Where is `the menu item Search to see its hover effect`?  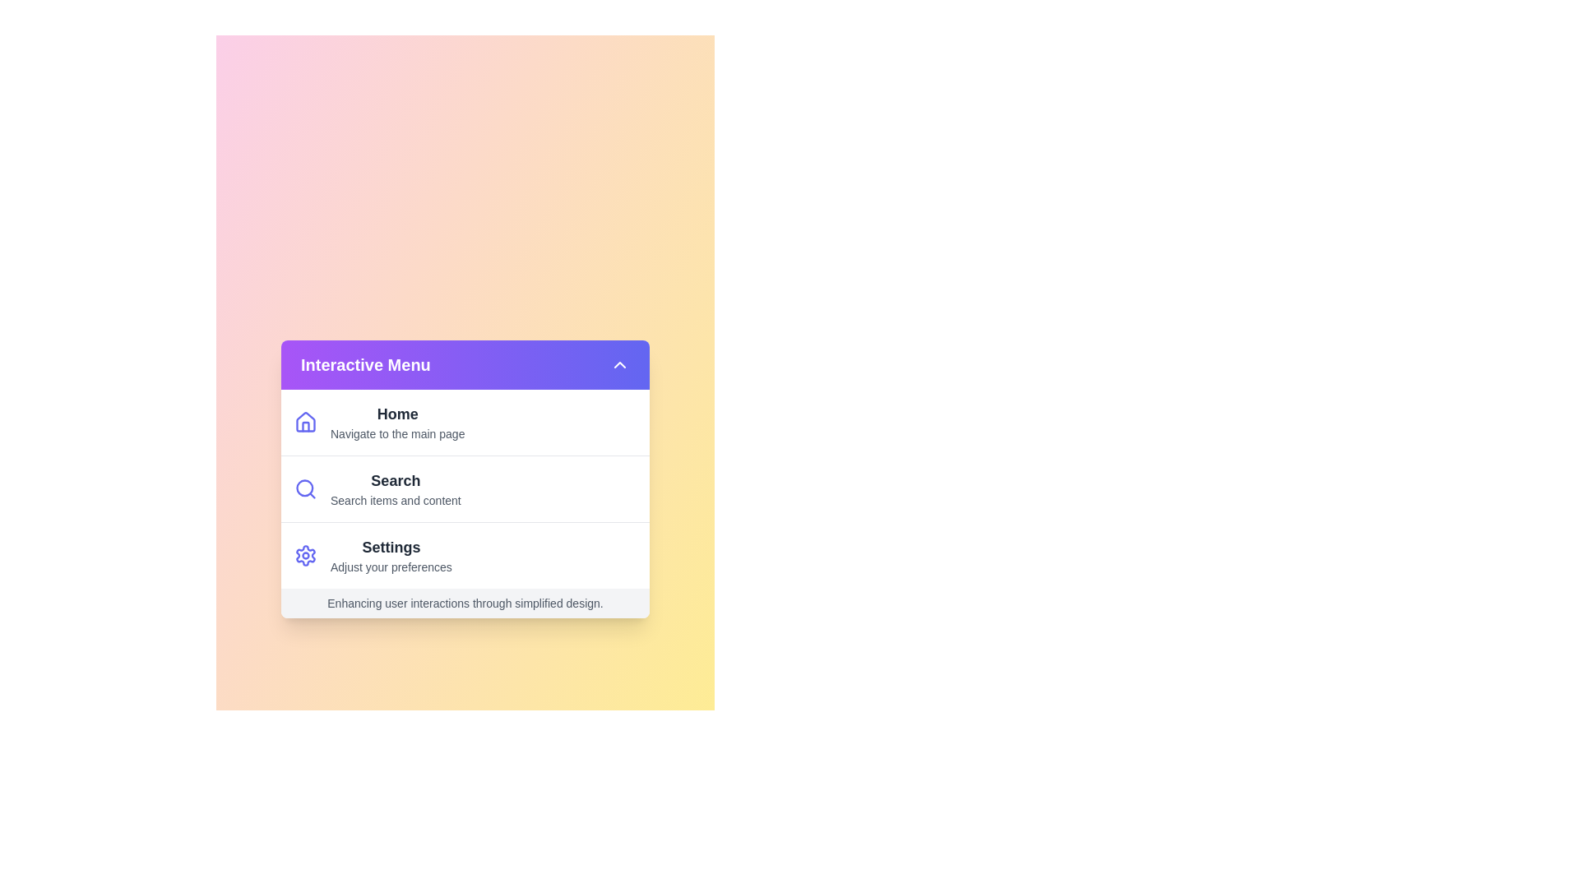 the menu item Search to see its hover effect is located at coordinates (465, 488).